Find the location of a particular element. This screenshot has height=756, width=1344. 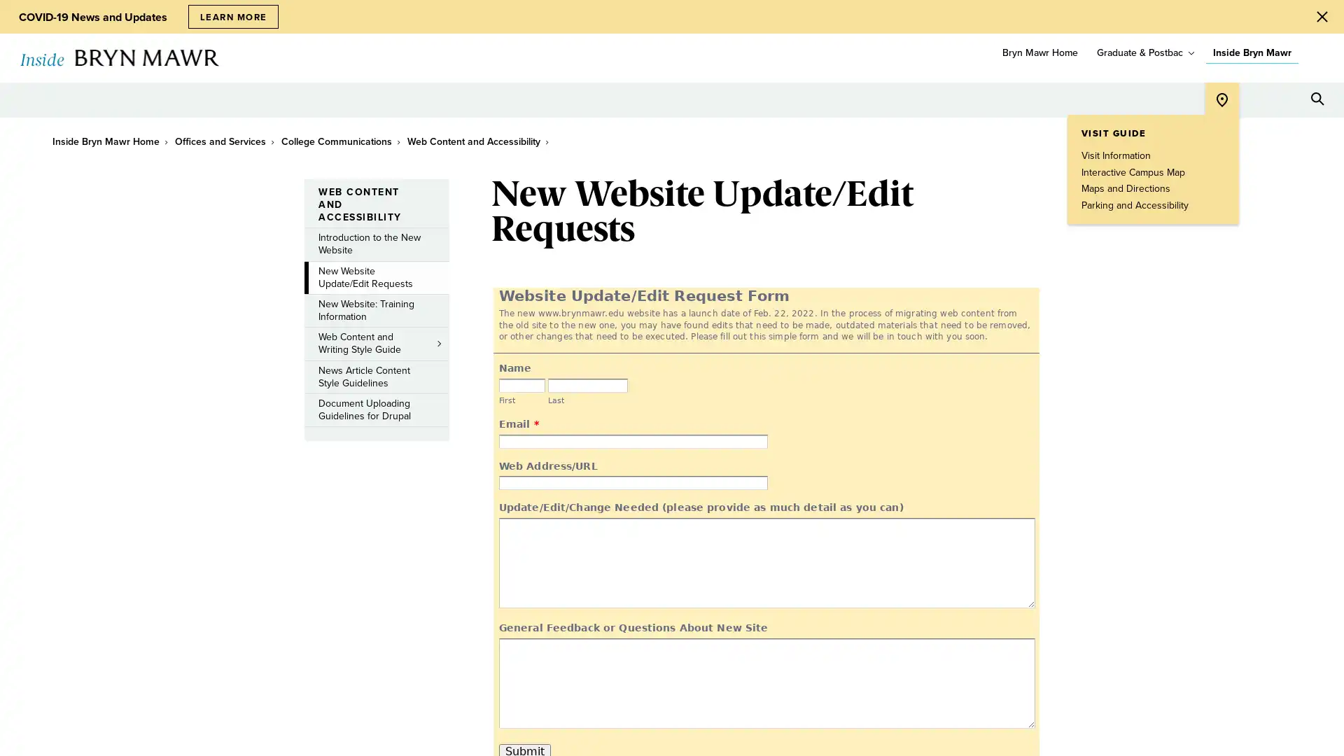

Open Tools menu is located at coordinates (1247, 97).